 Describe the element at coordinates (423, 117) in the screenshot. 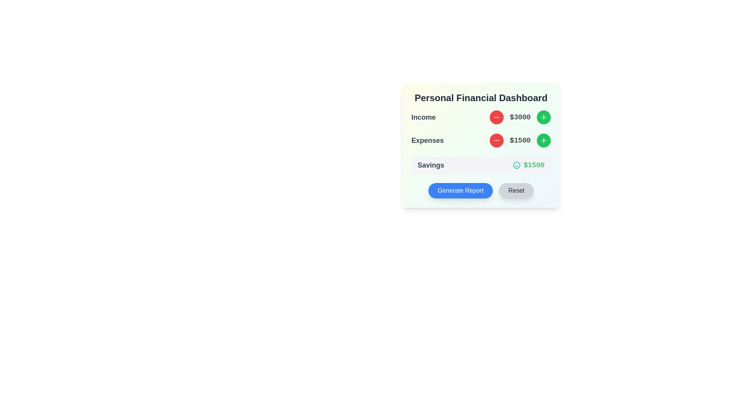

I see `the 'Income' category label located at the upper left of the financial summary section, which serves as a context for related data and actions` at that location.